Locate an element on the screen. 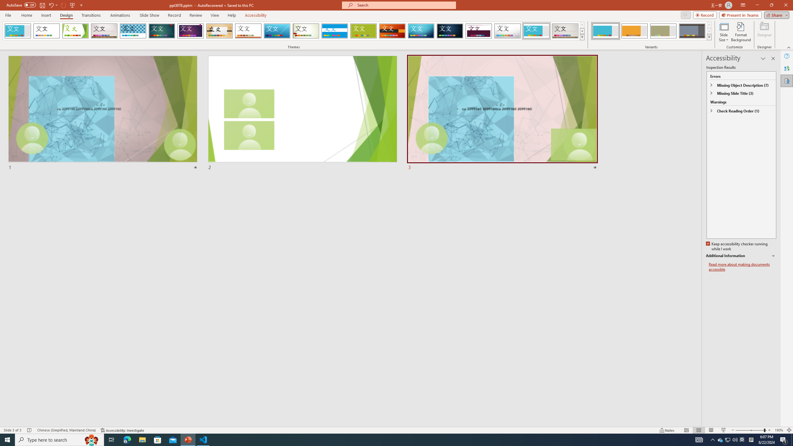 The image size is (793, 446). 'AutomationID: ThemeVariantsGallery' is located at coordinates (651, 31).